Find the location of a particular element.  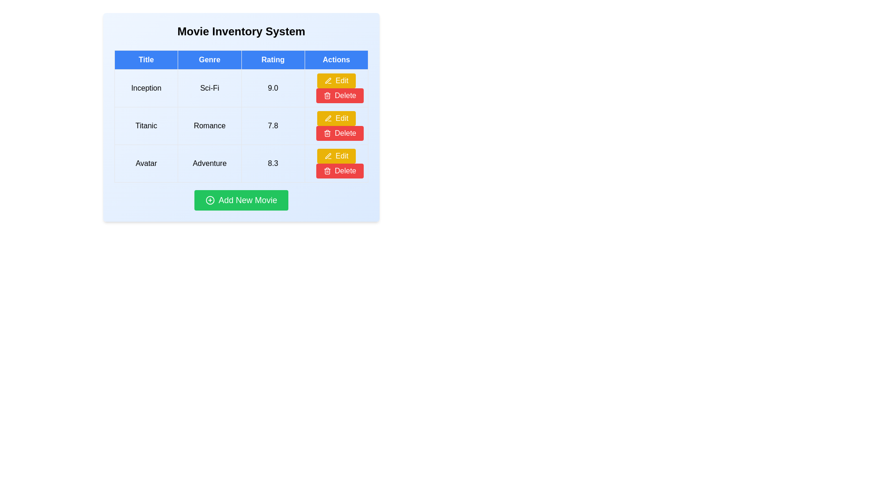

the trash bin icon in the 'Actions' column of the third row in the table, which is the leftmost icon in a pair of icons is located at coordinates (327, 172).